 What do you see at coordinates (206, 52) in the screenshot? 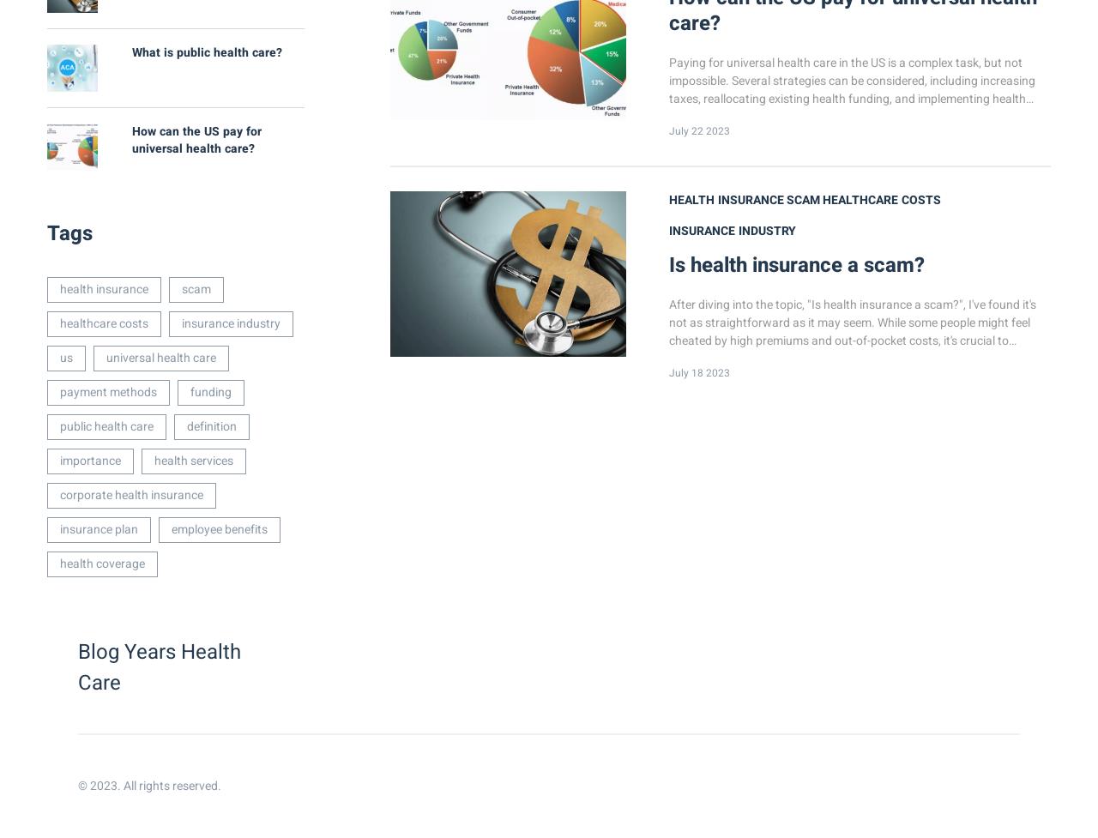
I see `'What is public health care?'` at bounding box center [206, 52].